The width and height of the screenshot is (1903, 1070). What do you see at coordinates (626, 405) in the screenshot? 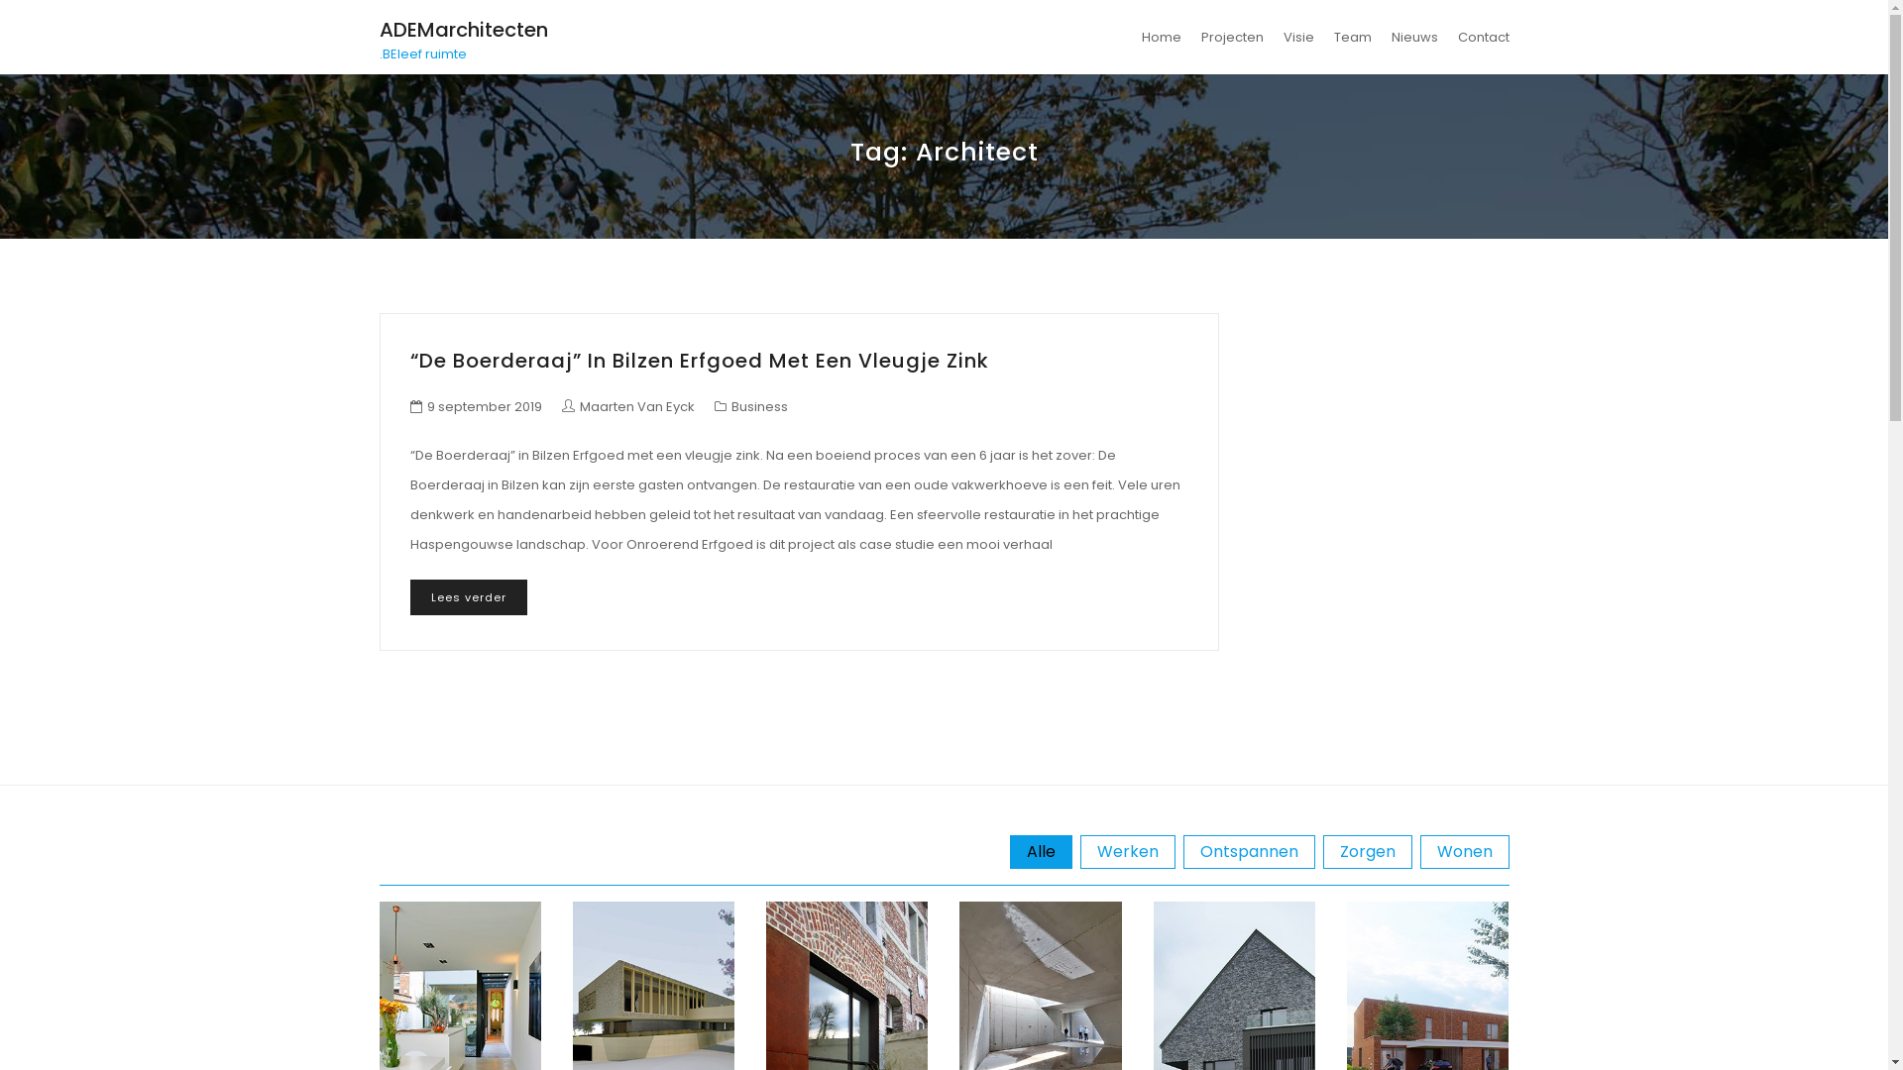
I see `'Maarten Van Eyck'` at bounding box center [626, 405].